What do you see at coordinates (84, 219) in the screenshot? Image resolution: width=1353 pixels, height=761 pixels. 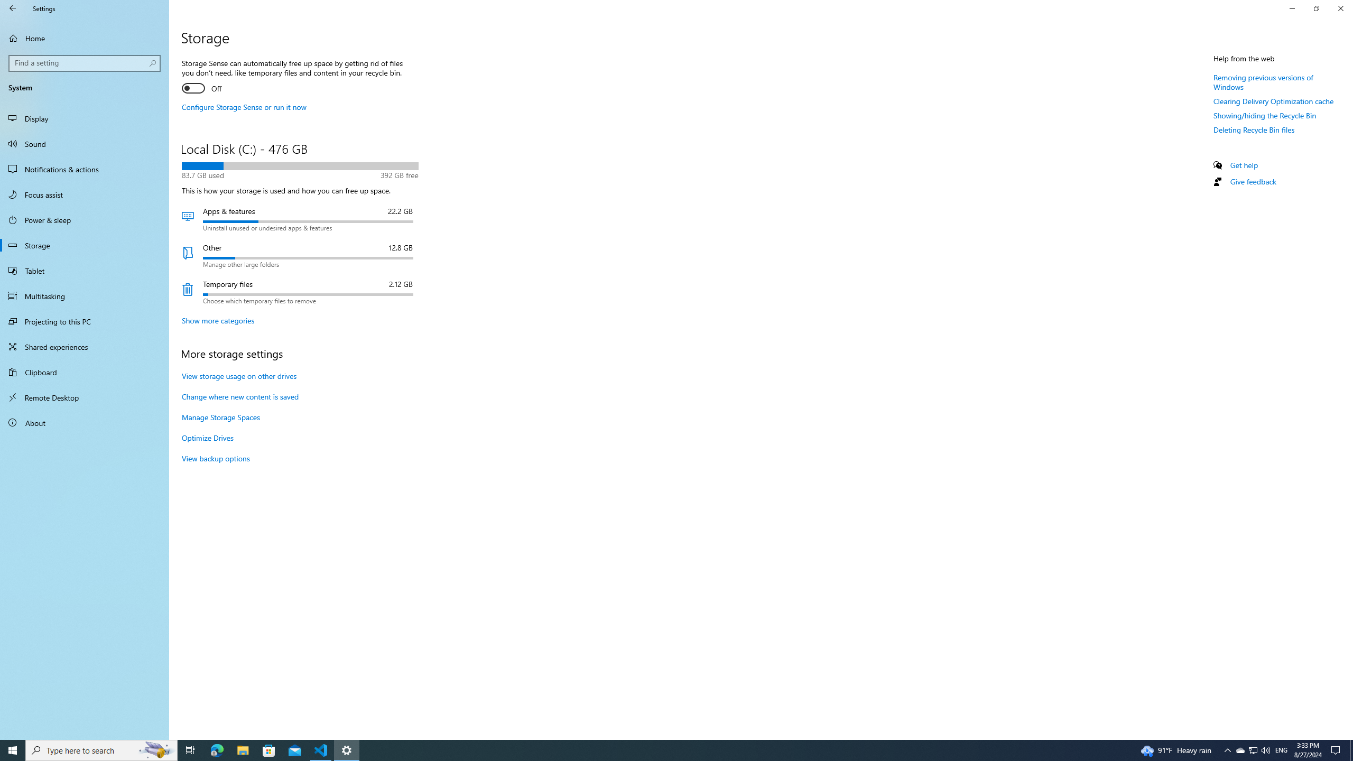 I see `'Power & sleep'` at bounding box center [84, 219].